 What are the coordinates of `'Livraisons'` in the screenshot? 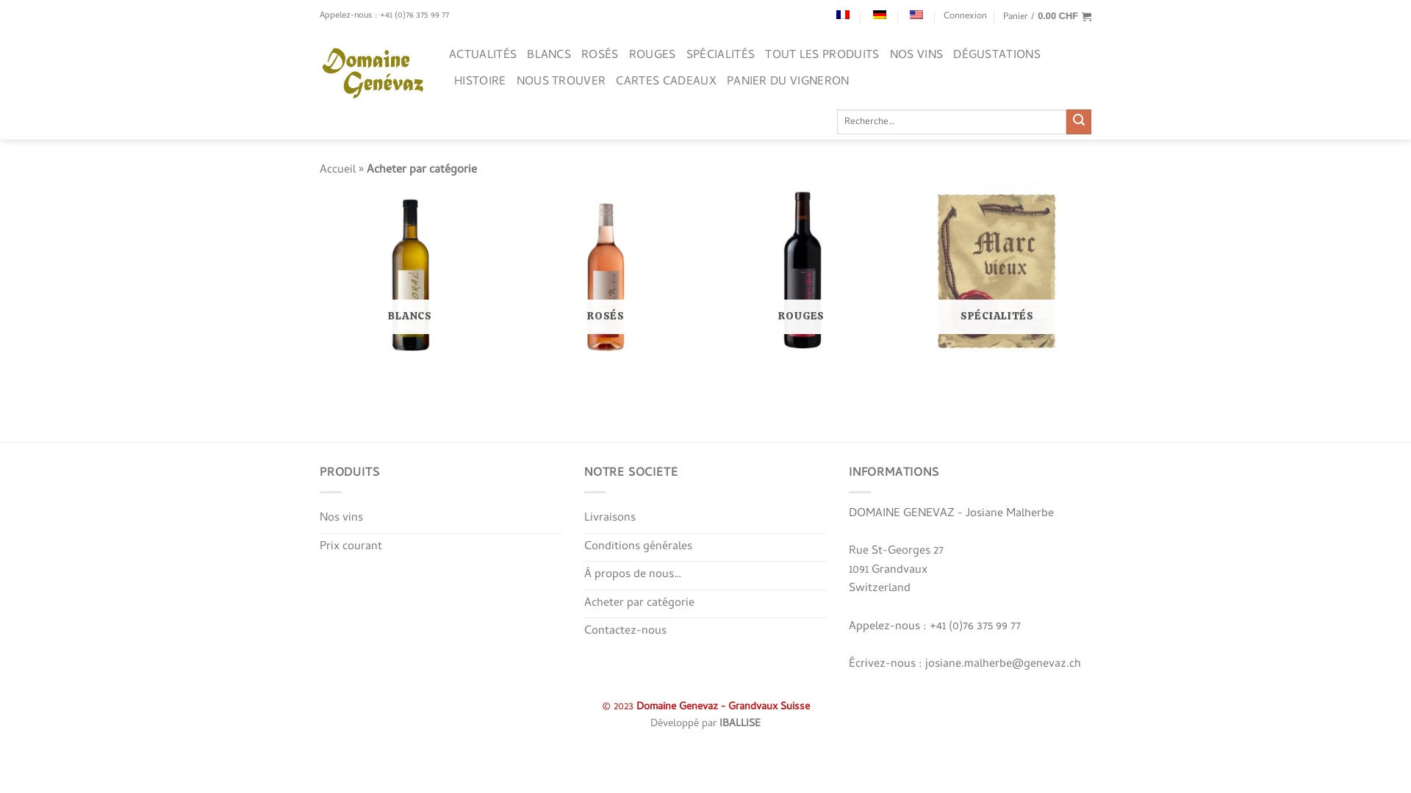 It's located at (610, 518).